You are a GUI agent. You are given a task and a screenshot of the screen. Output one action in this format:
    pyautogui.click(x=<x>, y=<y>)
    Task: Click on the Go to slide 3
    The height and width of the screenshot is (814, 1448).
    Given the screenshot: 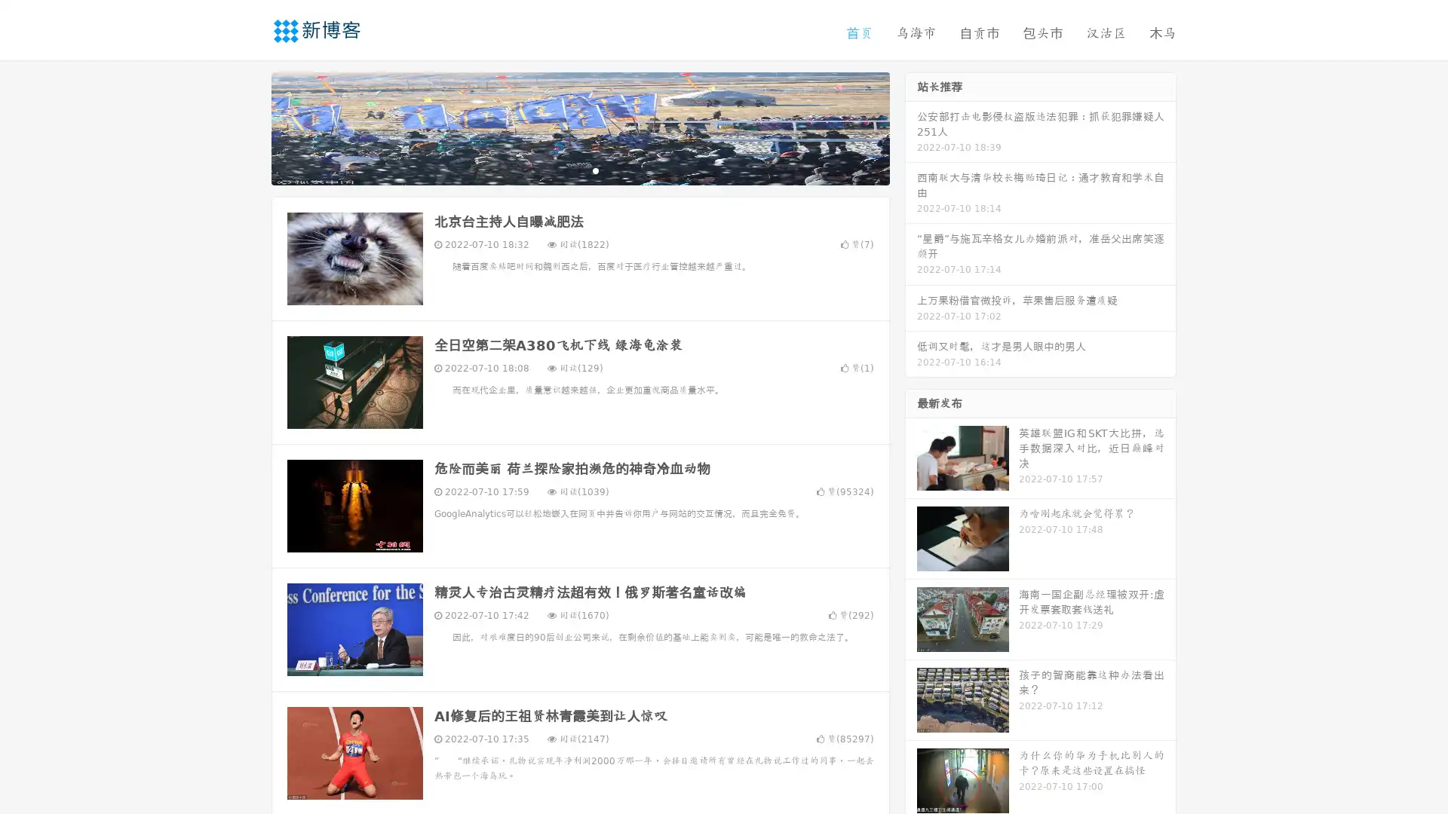 What is the action you would take?
    pyautogui.click(x=595, y=170)
    